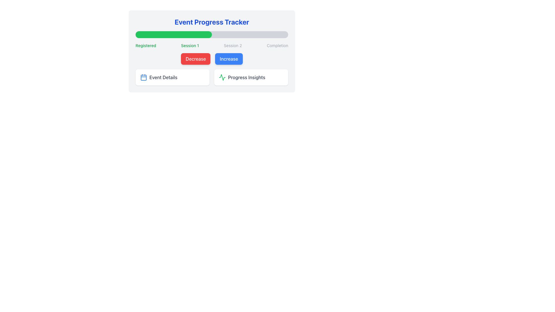  Describe the element at coordinates (144, 77) in the screenshot. I see `the rounded rectangle within the calendar icon that serves as a visual mark for the 'Event Details' button` at that location.